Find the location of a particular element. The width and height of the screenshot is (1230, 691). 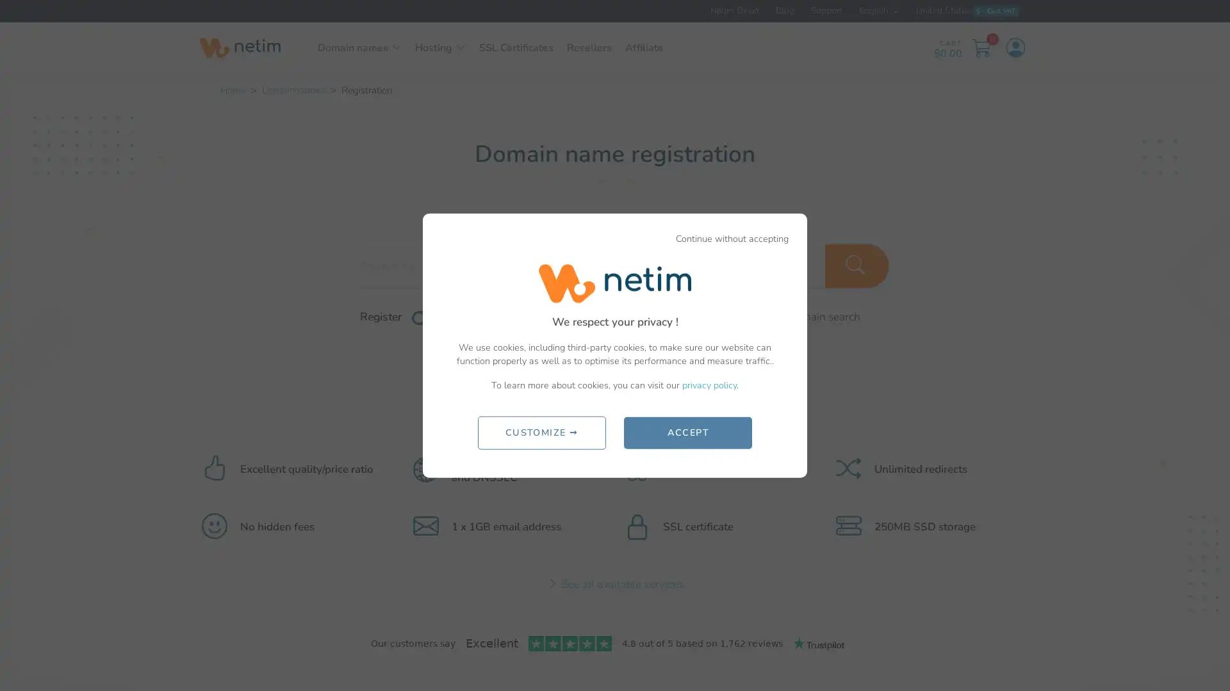

CUSTOMIZE is located at coordinates (541, 432).